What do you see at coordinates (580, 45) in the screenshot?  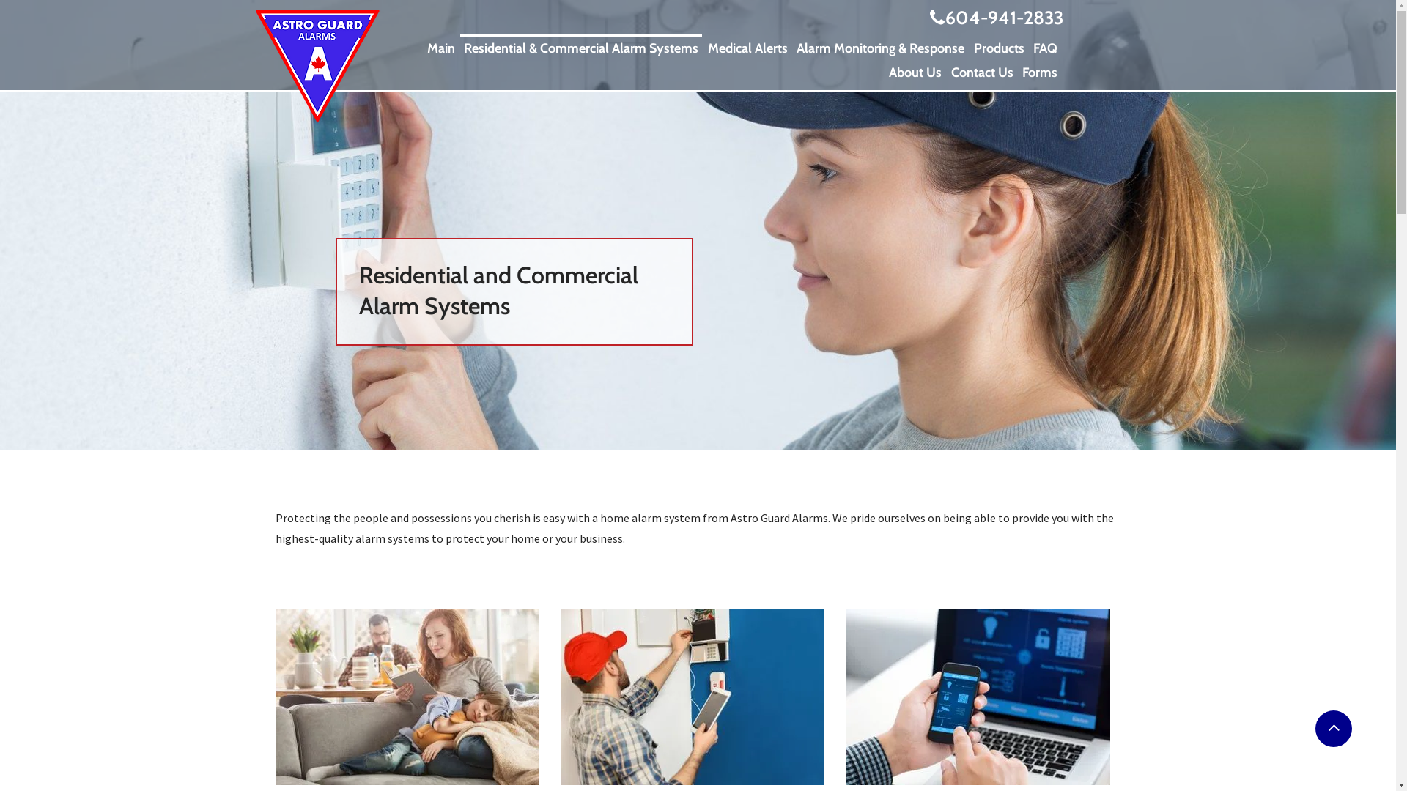 I see `'Residential & Commercial Alarm Systems'` at bounding box center [580, 45].